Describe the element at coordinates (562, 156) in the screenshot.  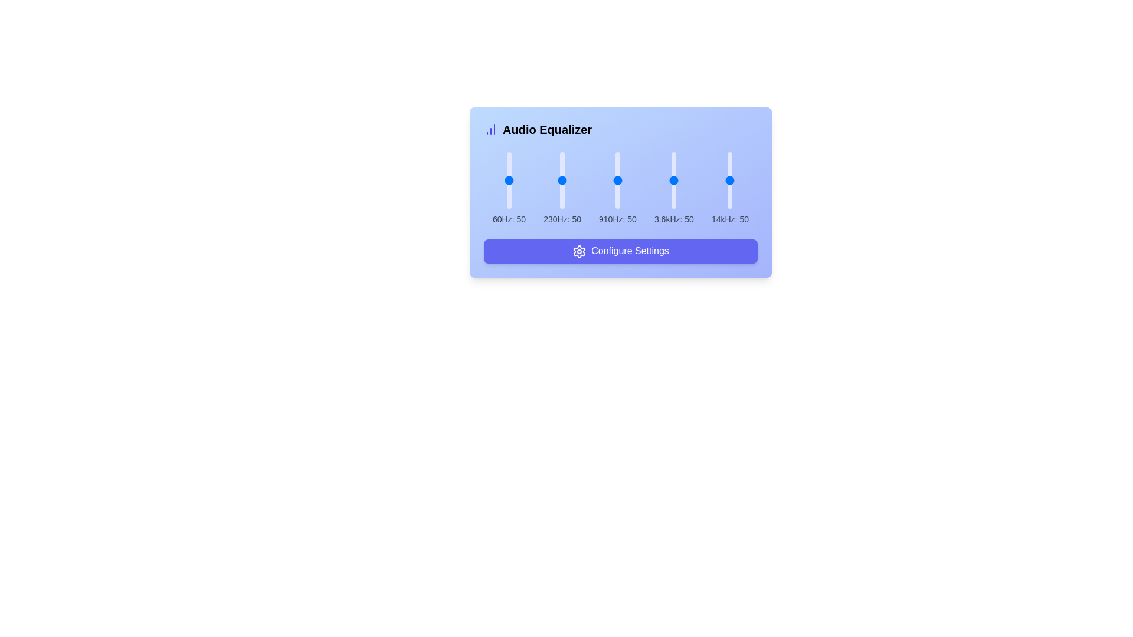
I see `the 230Hz slider value` at that location.